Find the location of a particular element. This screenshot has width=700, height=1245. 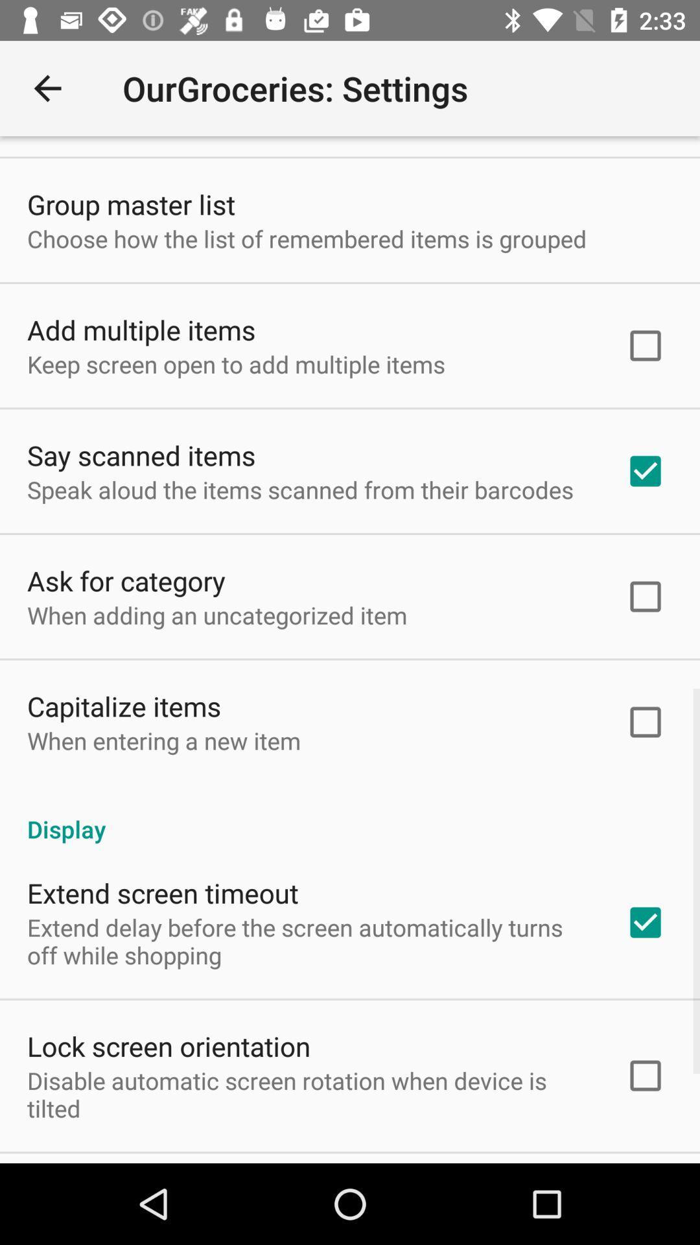

when adding an is located at coordinates (216, 614).